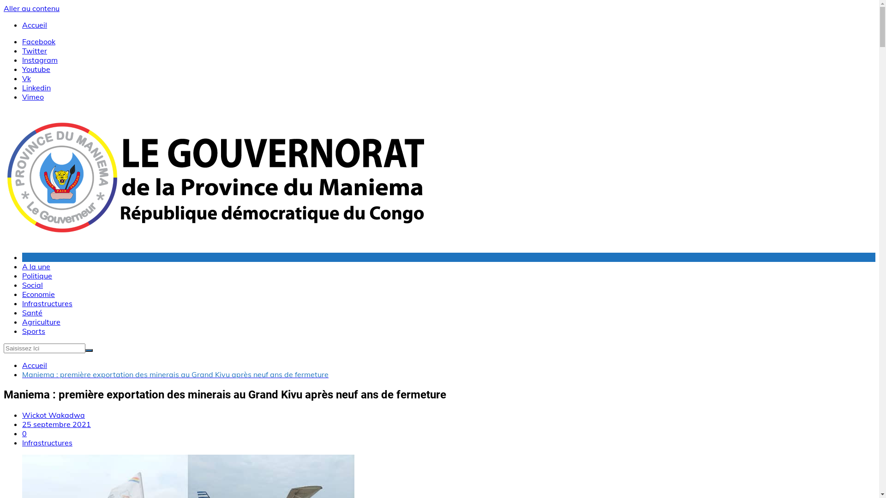  I want to click on 'A la une', so click(36, 267).